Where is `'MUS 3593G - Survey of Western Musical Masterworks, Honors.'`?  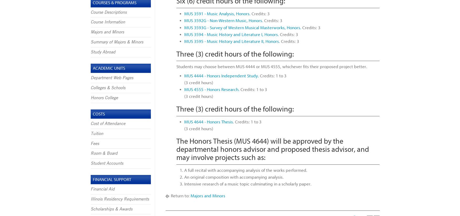
'MUS 3593G - Survey of Western Musical Masterworks, Honors.' is located at coordinates (242, 27).